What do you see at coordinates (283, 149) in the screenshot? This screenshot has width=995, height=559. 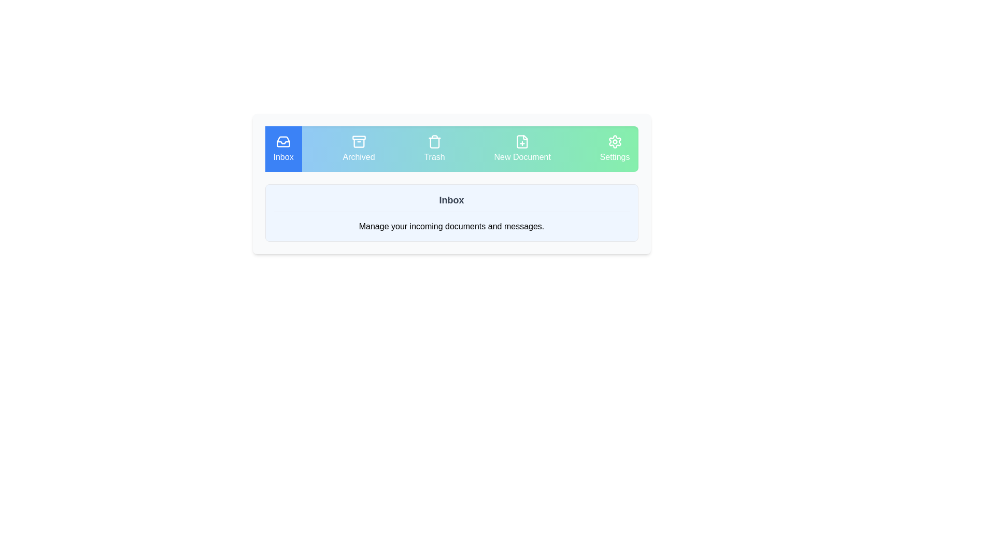 I see `the tab labeled Inbox to switch to it` at bounding box center [283, 149].